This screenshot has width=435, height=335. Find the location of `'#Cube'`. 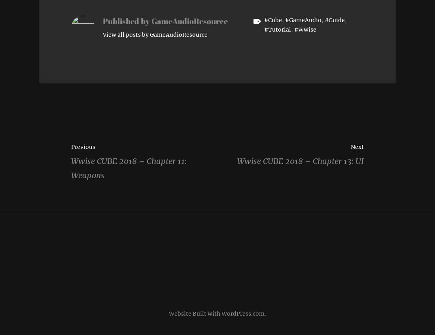

'#Cube' is located at coordinates (272, 19).